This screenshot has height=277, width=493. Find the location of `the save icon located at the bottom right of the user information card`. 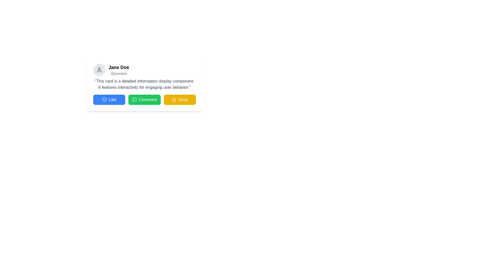

the save icon located at the bottom right of the user information card is located at coordinates (174, 100).